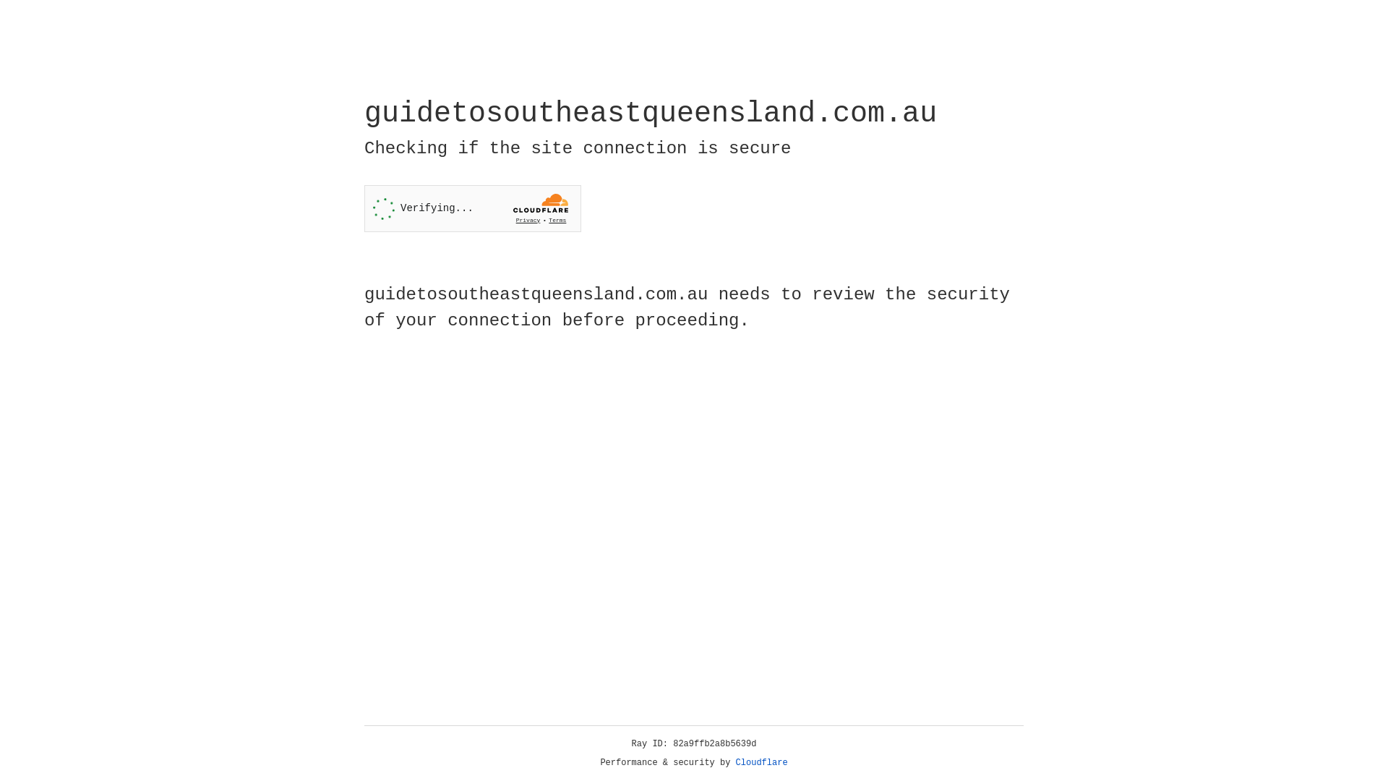 The width and height of the screenshot is (1388, 781). Describe the element at coordinates (472, 208) in the screenshot. I see `'Widget containing a Cloudflare security challenge'` at that location.